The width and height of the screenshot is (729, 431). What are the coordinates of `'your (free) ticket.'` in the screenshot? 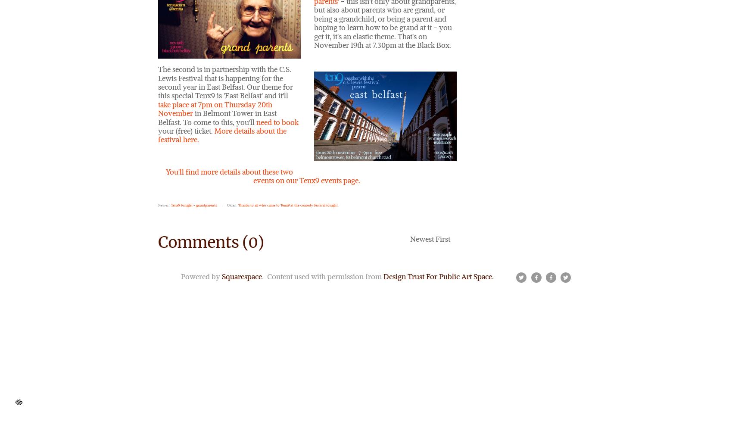 It's located at (186, 130).